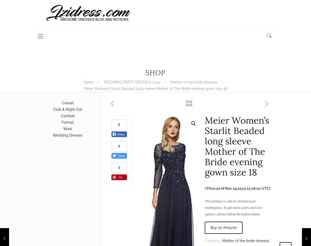 Image resolution: width=311 pixels, height=246 pixels. I want to click on 'Club & Night Out', so click(67, 109).